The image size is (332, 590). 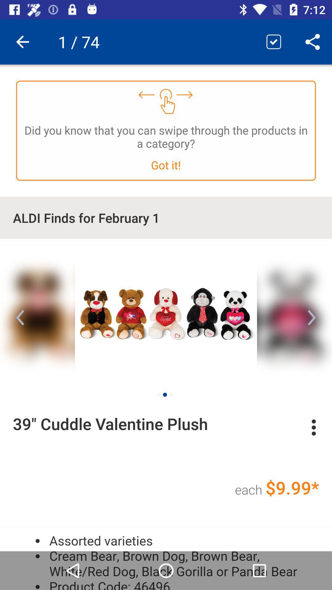 I want to click on native carousel image, so click(x=166, y=313).